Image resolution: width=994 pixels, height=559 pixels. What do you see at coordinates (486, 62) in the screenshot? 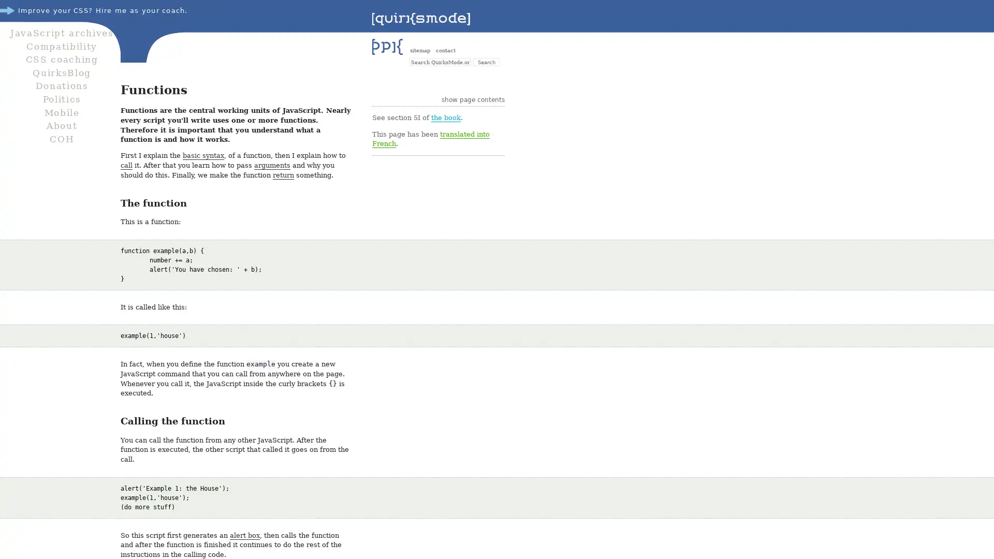
I see `Search` at bounding box center [486, 62].